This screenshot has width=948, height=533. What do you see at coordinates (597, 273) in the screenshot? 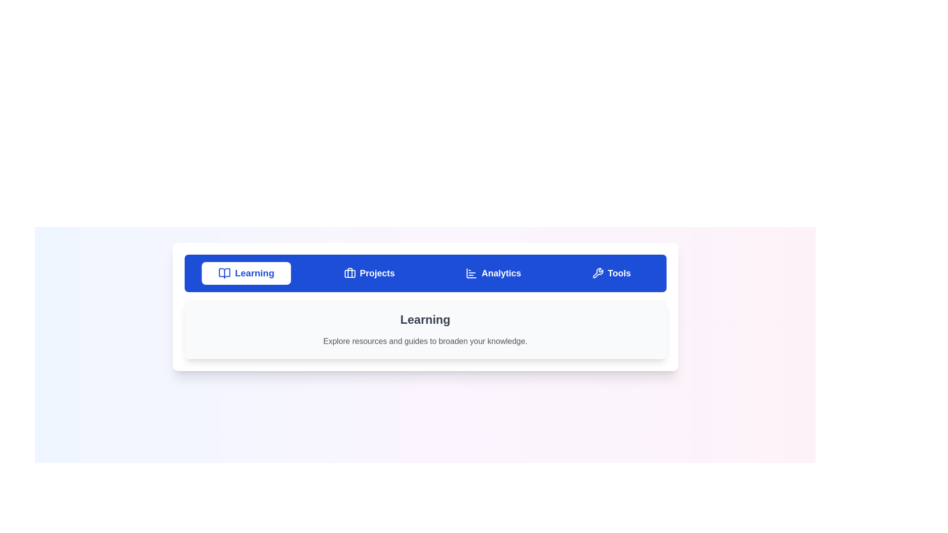
I see `the blue wrench icon located on the far-right side of the navigation bar in the Tools section` at bounding box center [597, 273].